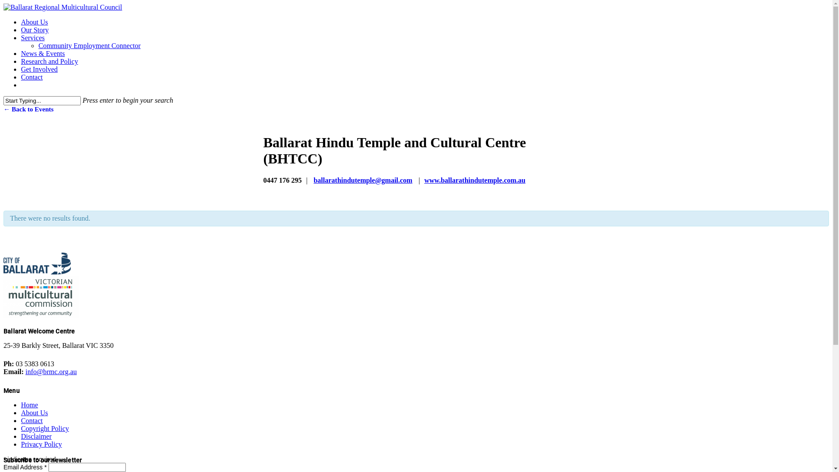 The image size is (839, 472). I want to click on 'Contact', so click(31, 76).